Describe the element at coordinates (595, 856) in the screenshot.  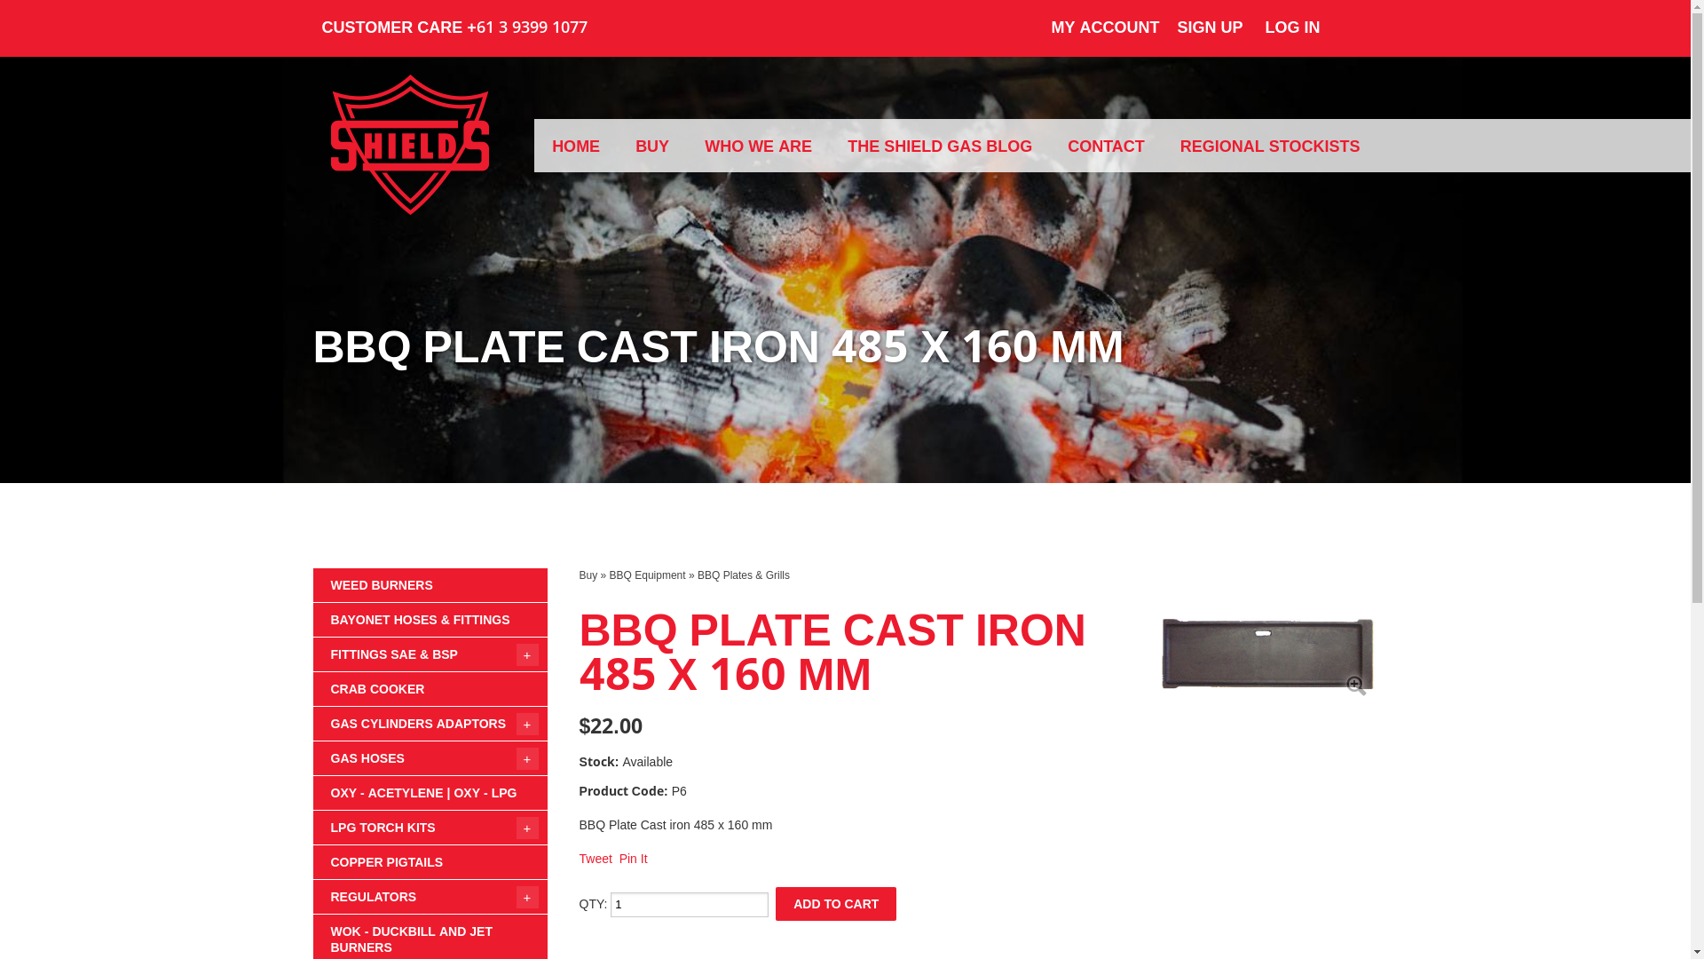
I see `'Tweet'` at that location.